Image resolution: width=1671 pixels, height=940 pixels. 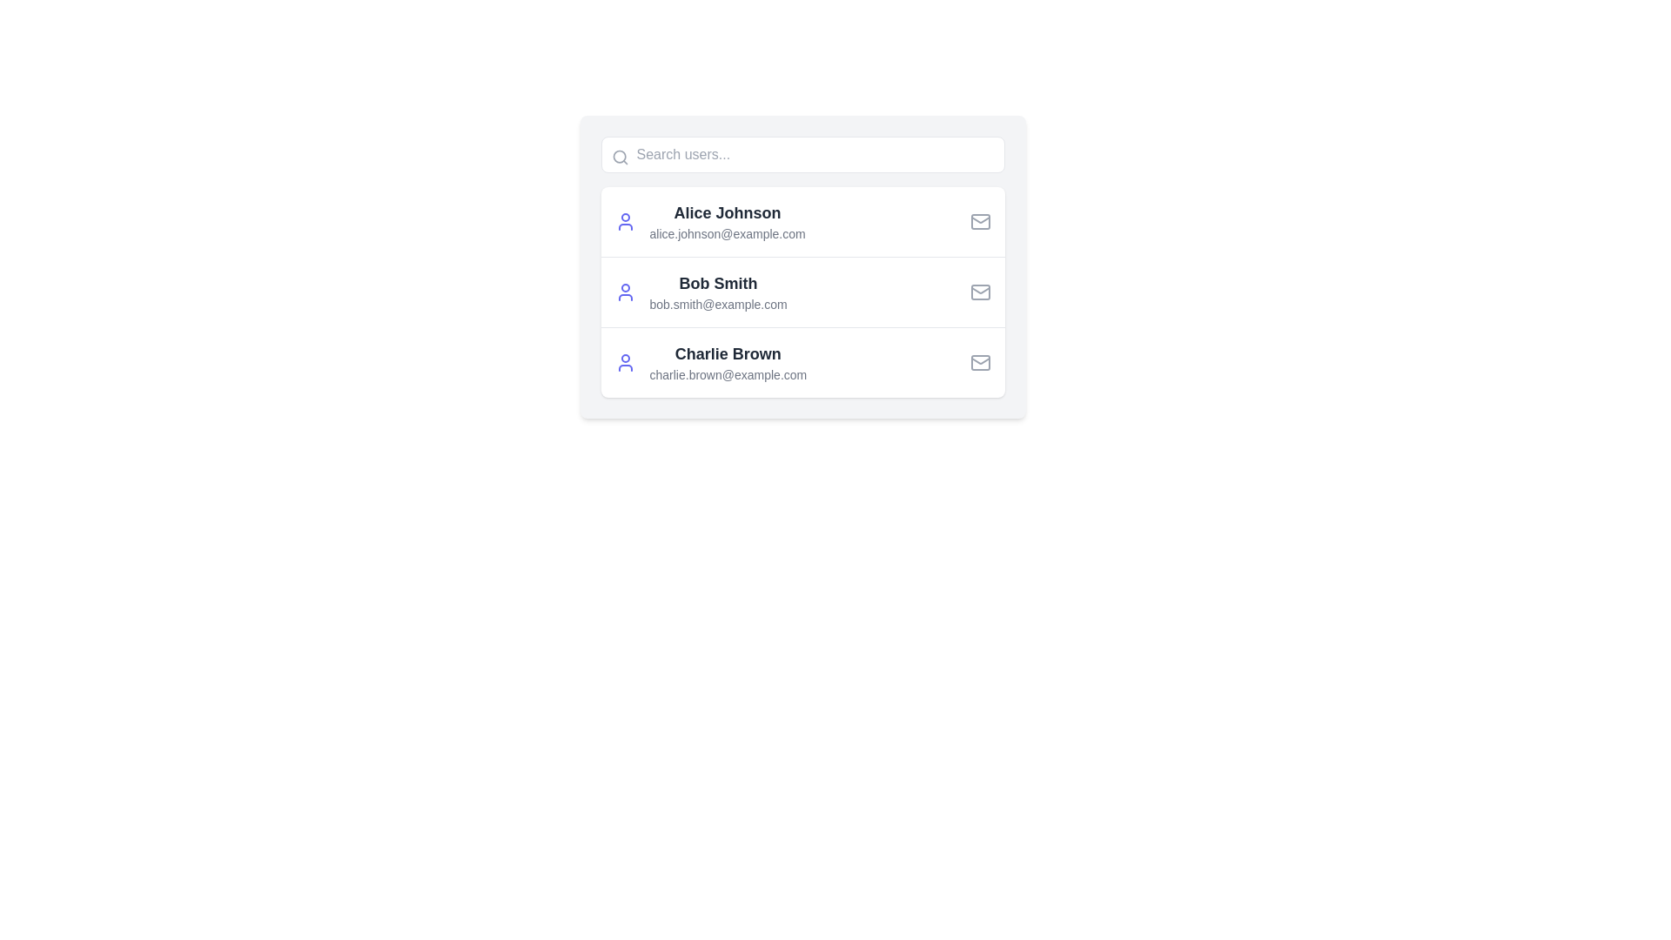 What do you see at coordinates (728, 233) in the screenshot?
I see `the text label displaying the email address 'alice.johnson@example.com', which is styled in a light gray font and located directly below 'Alice Johnson' in the user information card list` at bounding box center [728, 233].